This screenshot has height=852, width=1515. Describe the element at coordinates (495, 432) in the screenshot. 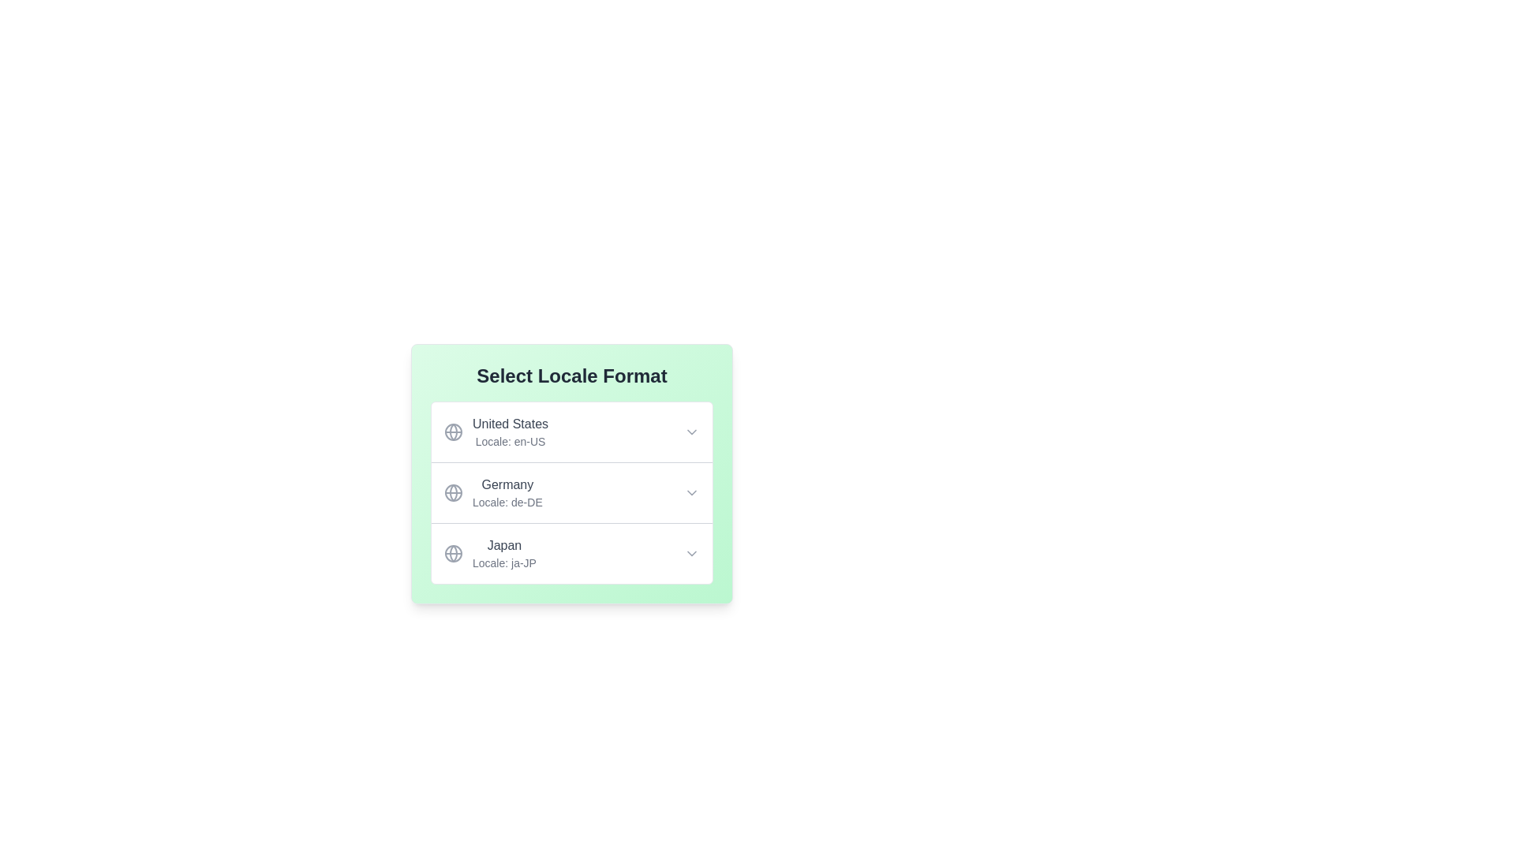

I see `the interactive list item displaying 'United States' and 'Locale: en-US'` at that location.